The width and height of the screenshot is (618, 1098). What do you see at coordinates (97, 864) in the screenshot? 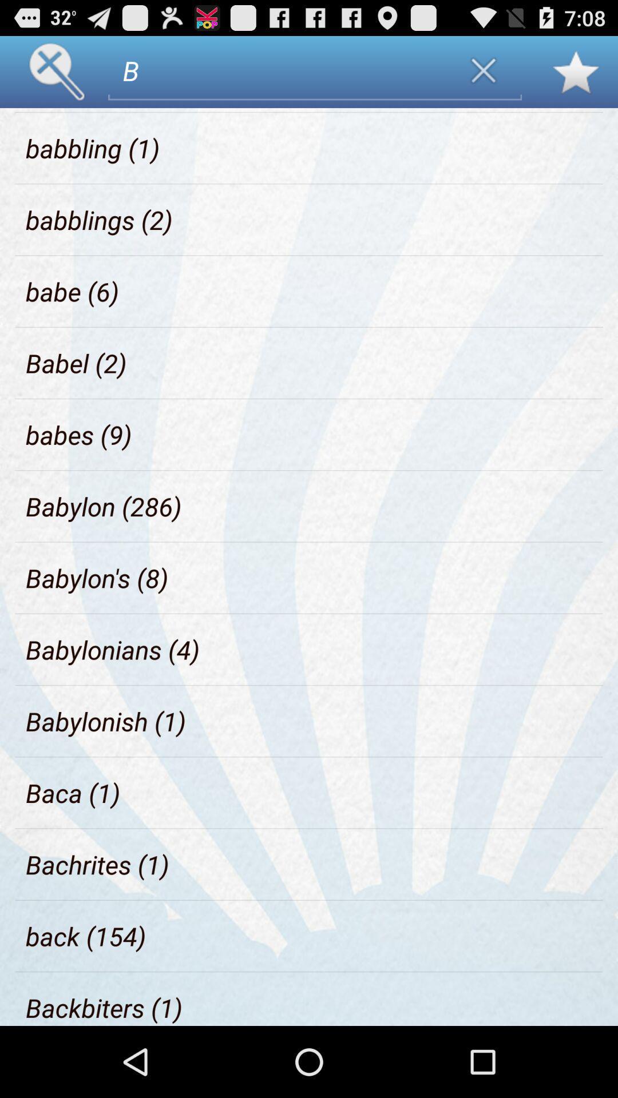
I see `app above back (154) icon` at bounding box center [97, 864].